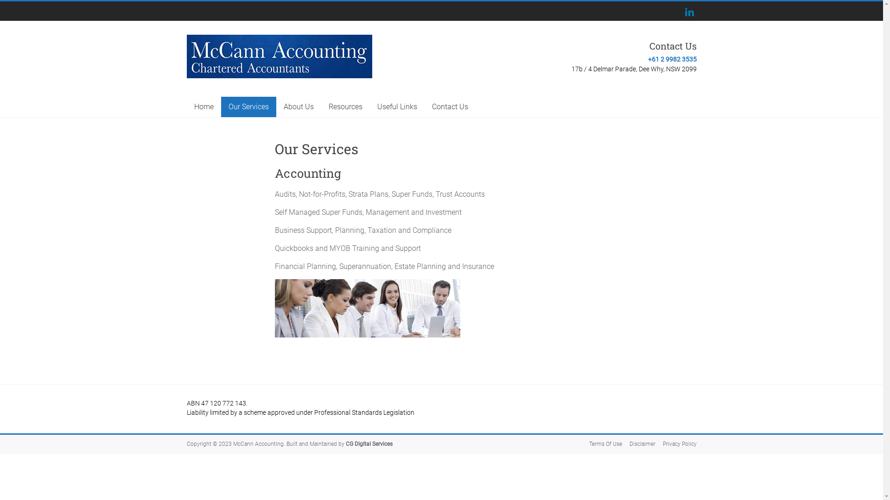  Describe the element at coordinates (672, 59) in the screenshot. I see `'+61 2 9982 3535'` at that location.